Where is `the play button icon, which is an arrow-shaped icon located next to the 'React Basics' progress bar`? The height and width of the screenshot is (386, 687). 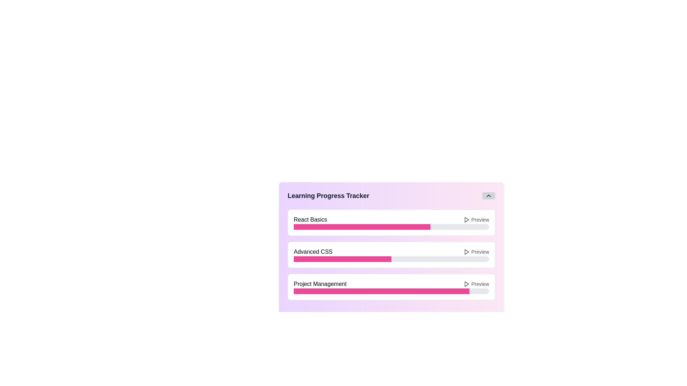 the play button icon, which is an arrow-shaped icon located next to the 'React Basics' progress bar is located at coordinates (467, 219).